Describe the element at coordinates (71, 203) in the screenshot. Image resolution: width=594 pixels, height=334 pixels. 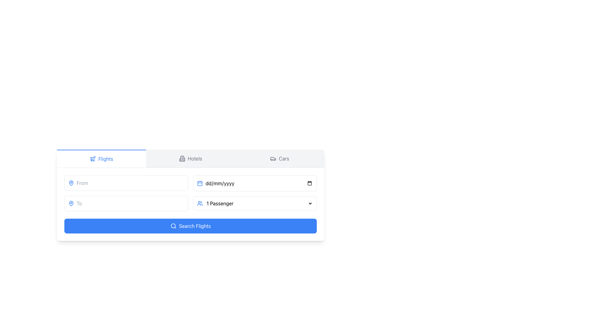
I see `the blue map pin icon located in the 'To' field of the travel information form, positioned in the left-middle area beneath the 'From' field` at that location.